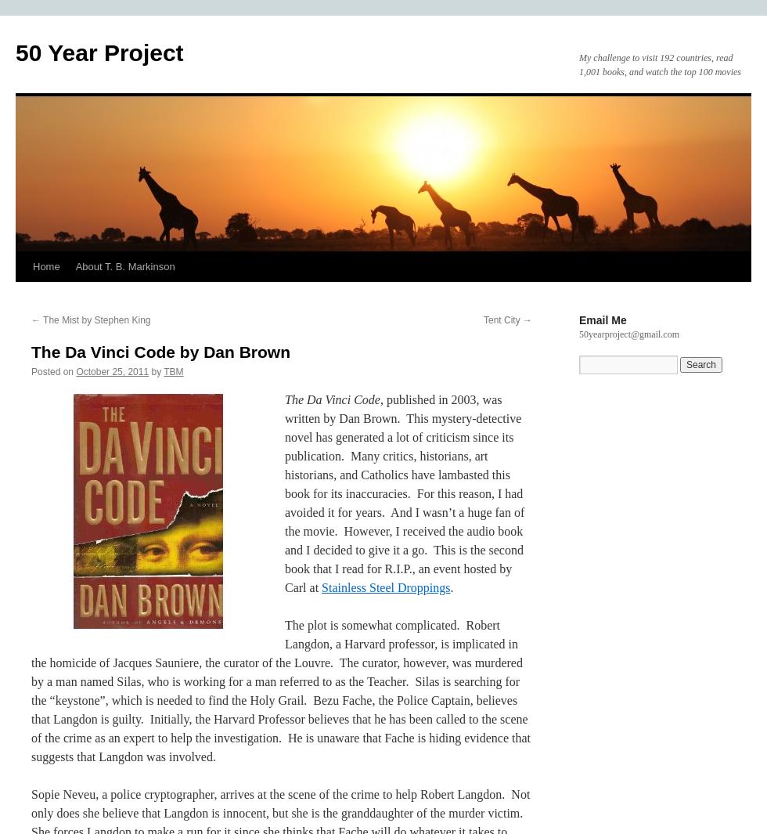  What do you see at coordinates (452, 587) in the screenshot?
I see `'.'` at bounding box center [452, 587].